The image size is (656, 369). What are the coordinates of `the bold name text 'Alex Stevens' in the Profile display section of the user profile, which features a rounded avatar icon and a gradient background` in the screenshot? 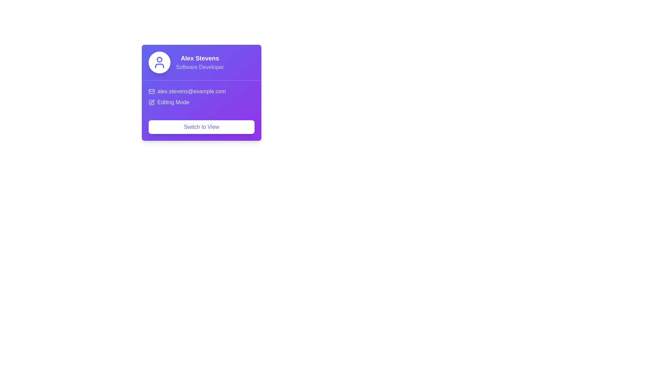 It's located at (201, 63).